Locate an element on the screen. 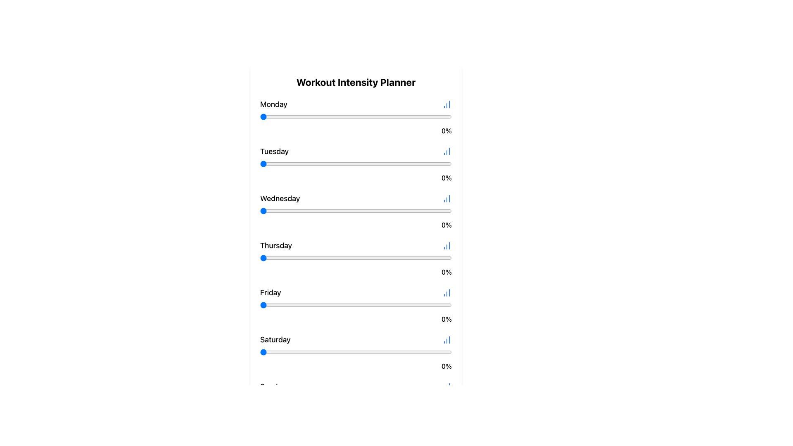 Image resolution: width=793 pixels, height=446 pixels. the Friday workout intensity is located at coordinates (350, 305).